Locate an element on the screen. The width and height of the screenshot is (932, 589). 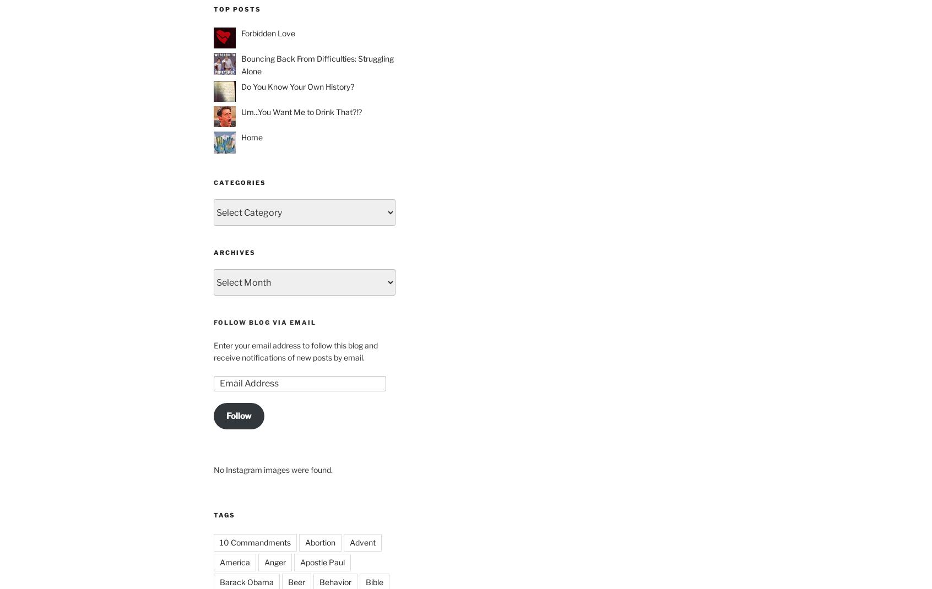
'Um...You Want Me to Drink That?!?' is located at coordinates (301, 111).